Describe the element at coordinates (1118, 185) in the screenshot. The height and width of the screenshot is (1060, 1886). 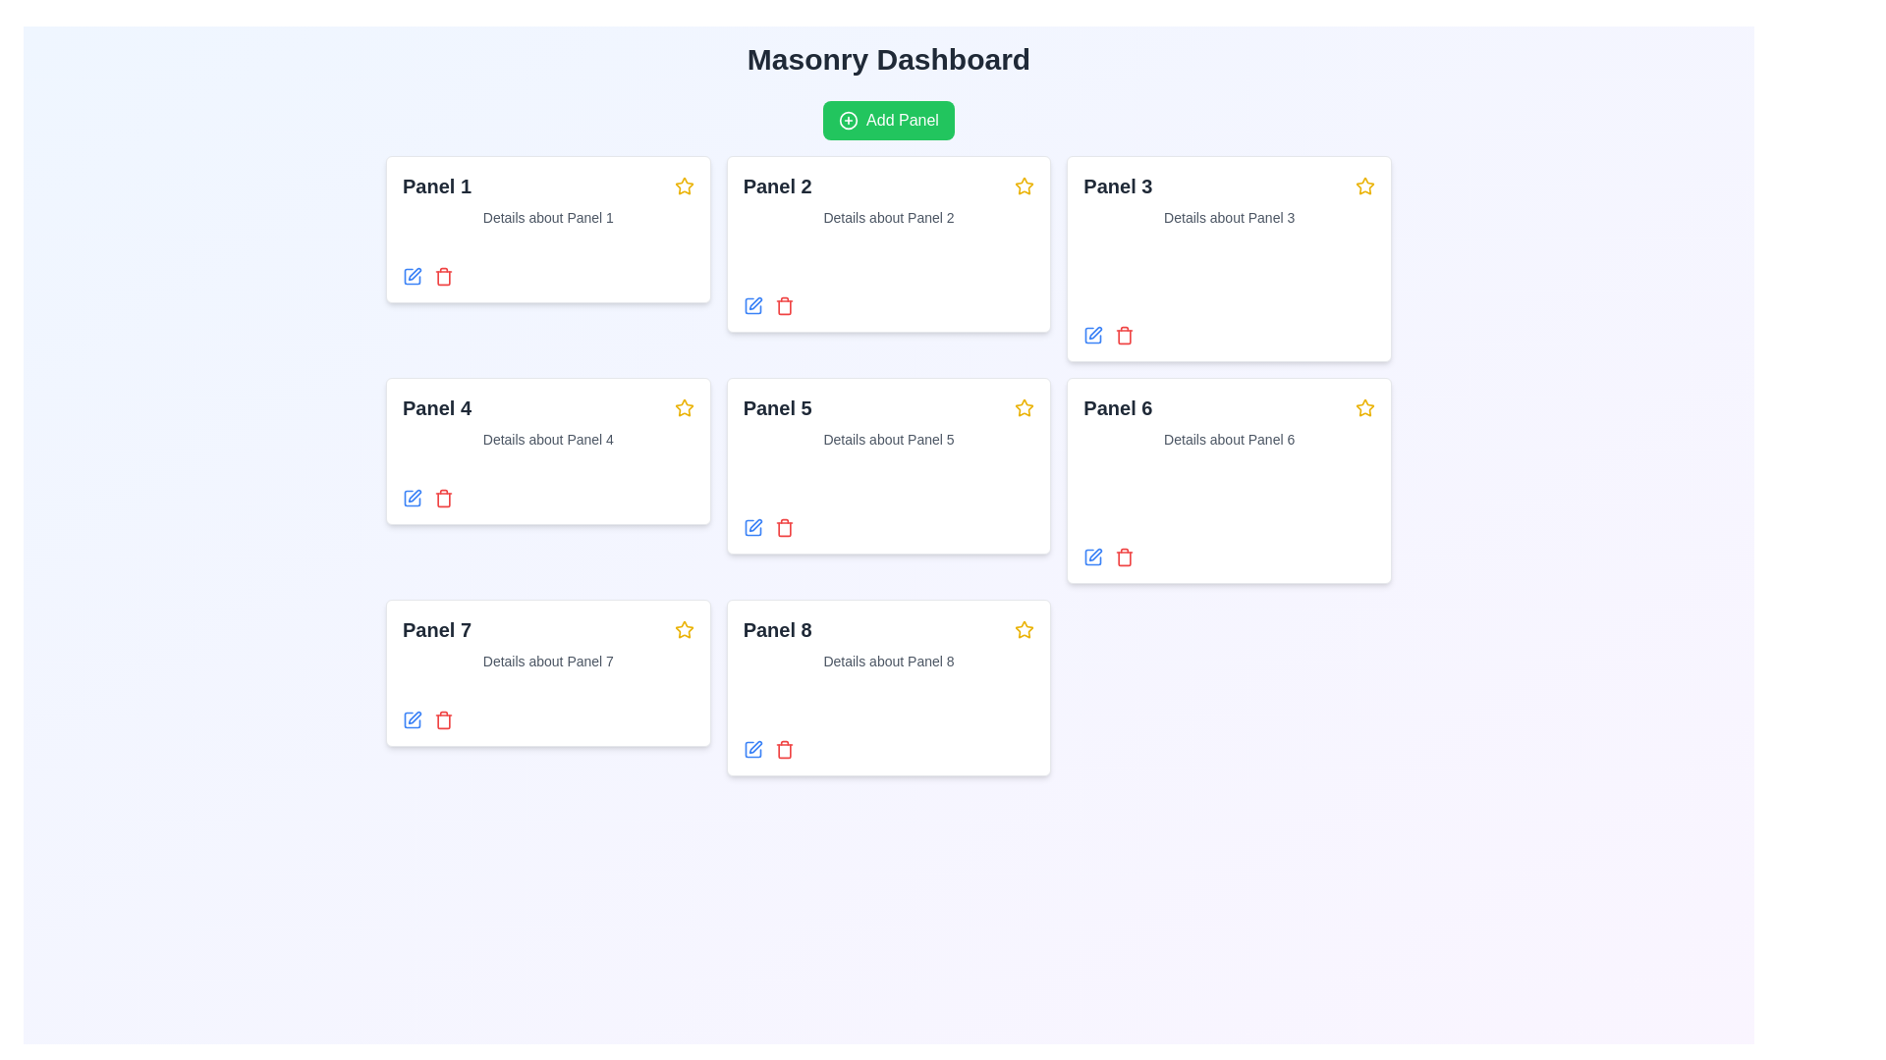
I see `the content card labeled 'Panel 3'` at that location.